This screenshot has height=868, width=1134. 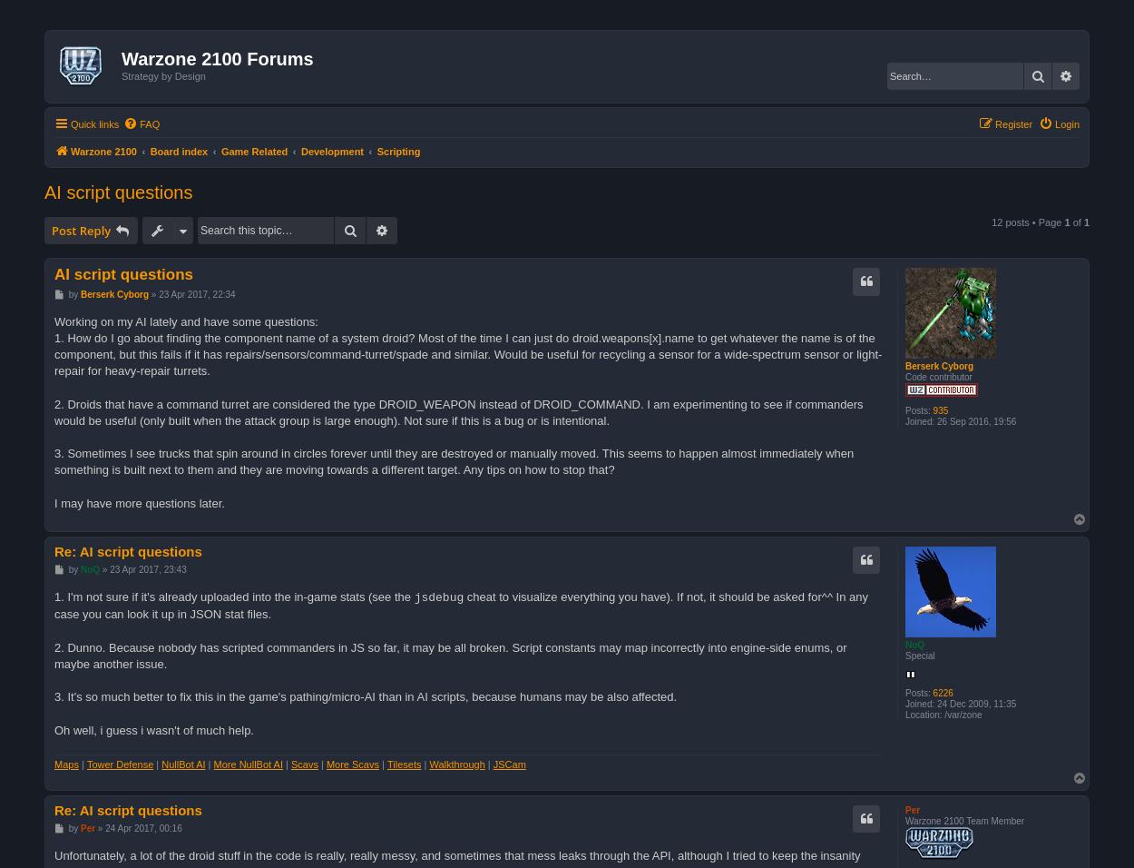 What do you see at coordinates (456, 763) in the screenshot?
I see `'Walkthrough'` at bounding box center [456, 763].